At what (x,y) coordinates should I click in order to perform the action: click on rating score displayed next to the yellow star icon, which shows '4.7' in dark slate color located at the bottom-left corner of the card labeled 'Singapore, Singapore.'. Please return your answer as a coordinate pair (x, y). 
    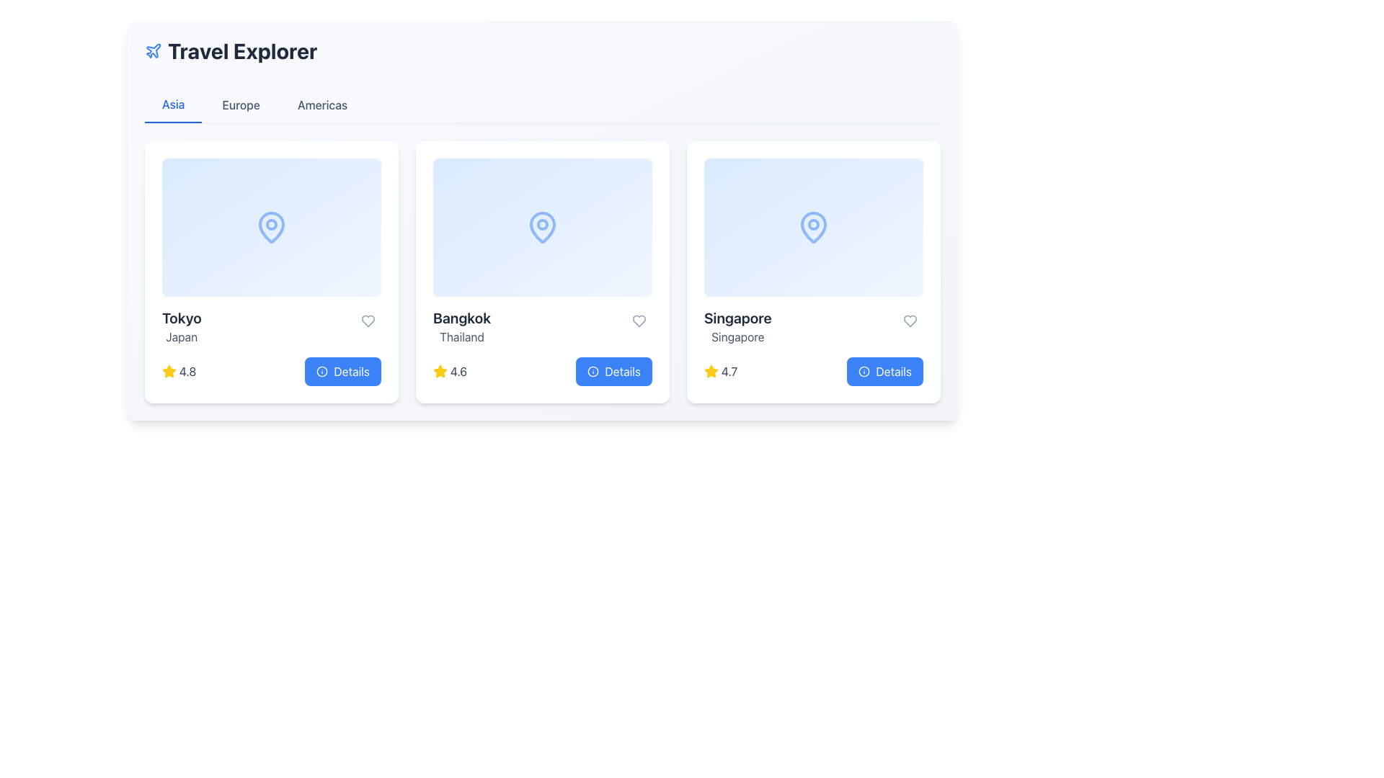
    Looking at the image, I should click on (721, 371).